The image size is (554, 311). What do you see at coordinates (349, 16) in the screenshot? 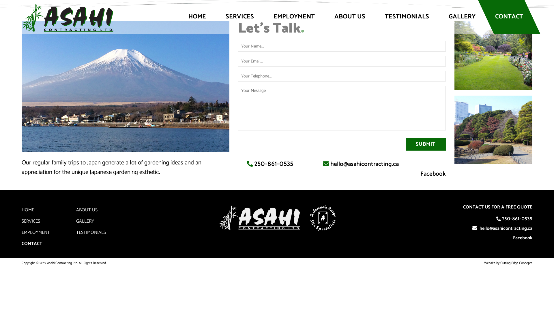
I see `'ABOUT US'` at bounding box center [349, 16].